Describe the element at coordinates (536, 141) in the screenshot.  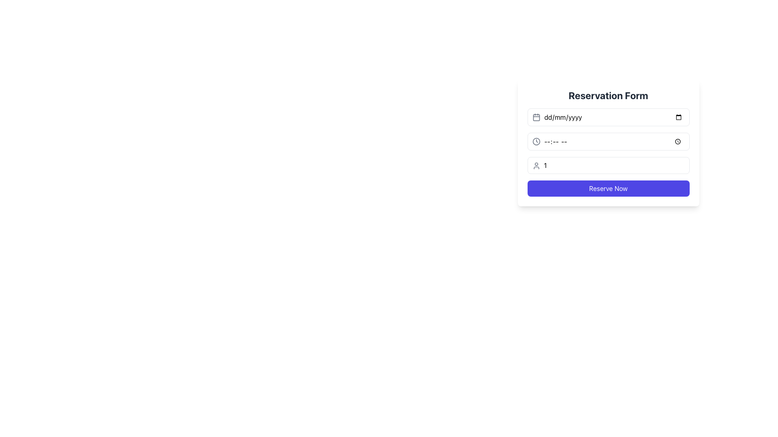
I see `the circular SVG component that is part of the clock icon located on the left side of the second row of fields in the form` at that location.